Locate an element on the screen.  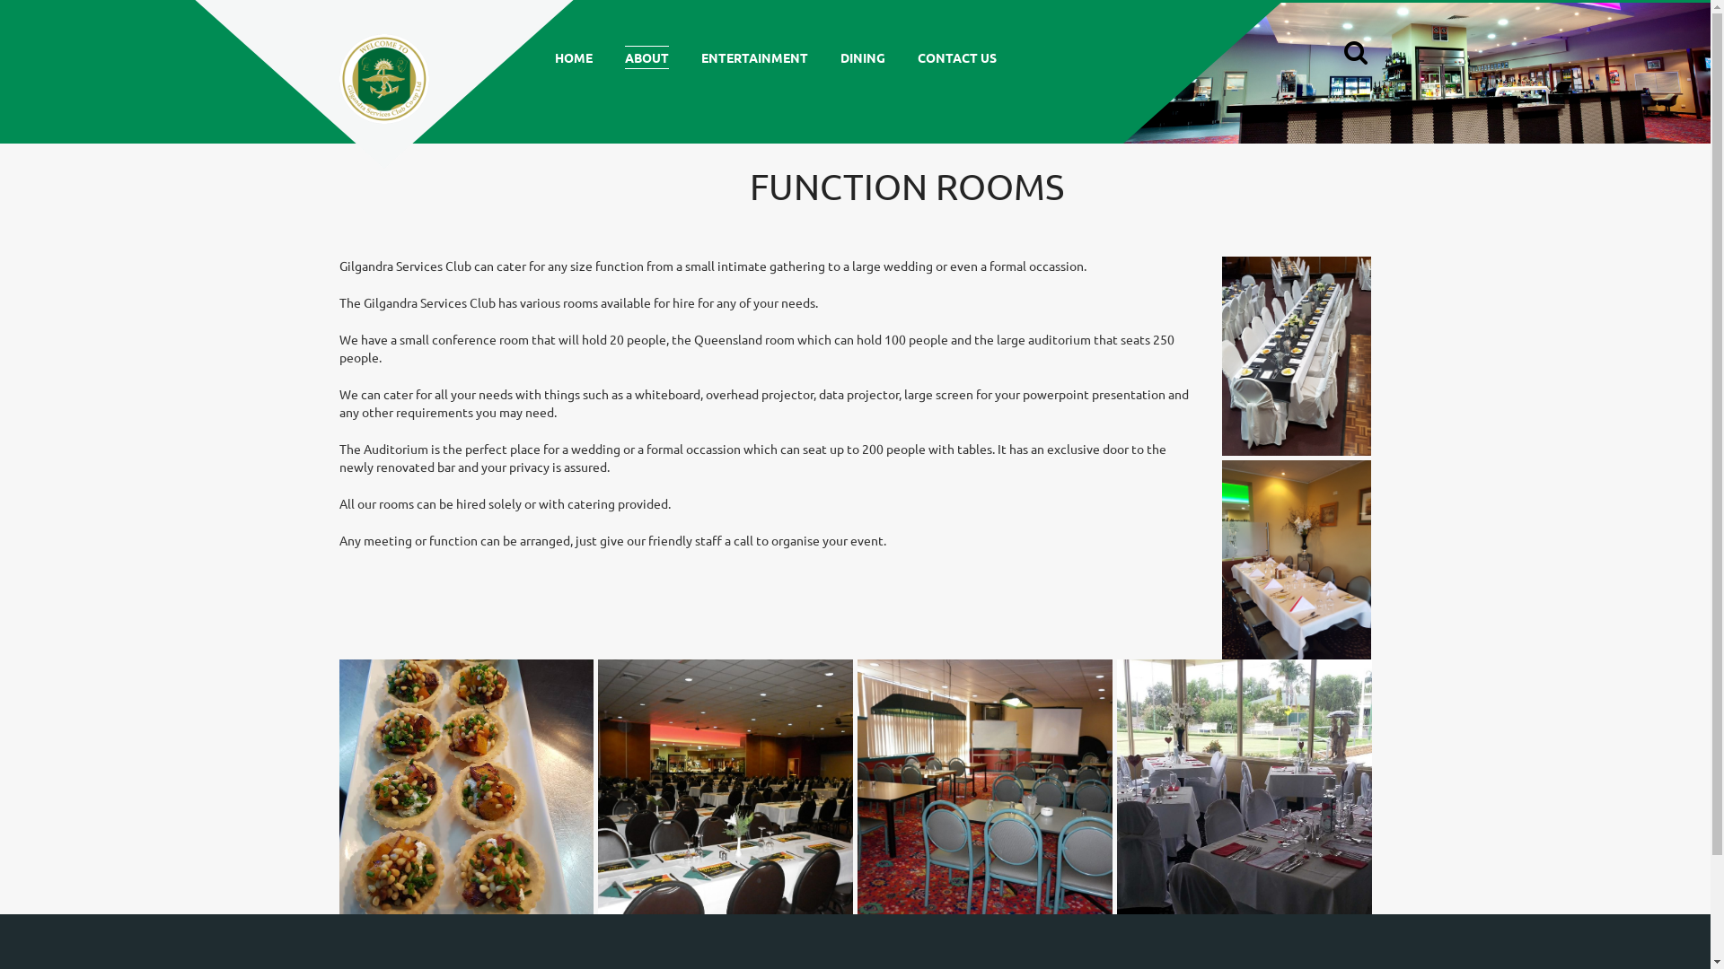
'HOME' is located at coordinates (572, 57).